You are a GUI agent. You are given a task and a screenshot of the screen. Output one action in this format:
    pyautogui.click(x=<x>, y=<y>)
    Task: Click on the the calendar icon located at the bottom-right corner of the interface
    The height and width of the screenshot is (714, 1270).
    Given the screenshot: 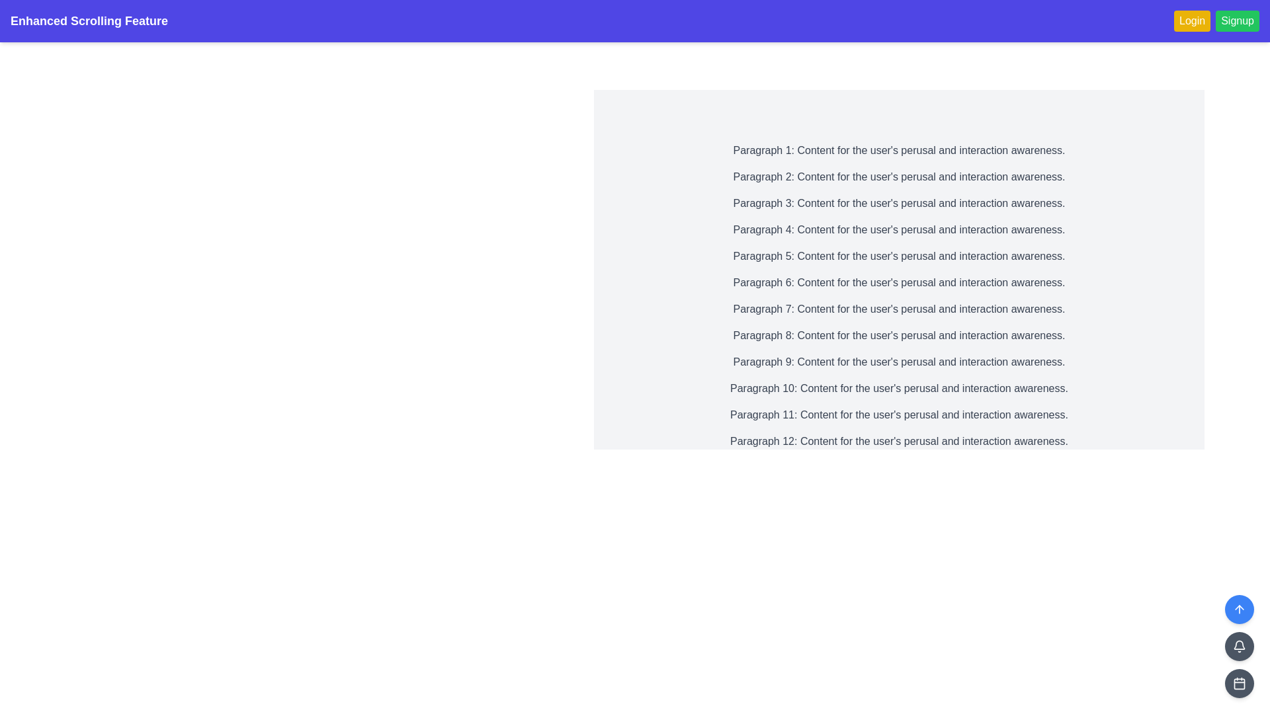 What is the action you would take?
    pyautogui.click(x=1238, y=683)
    